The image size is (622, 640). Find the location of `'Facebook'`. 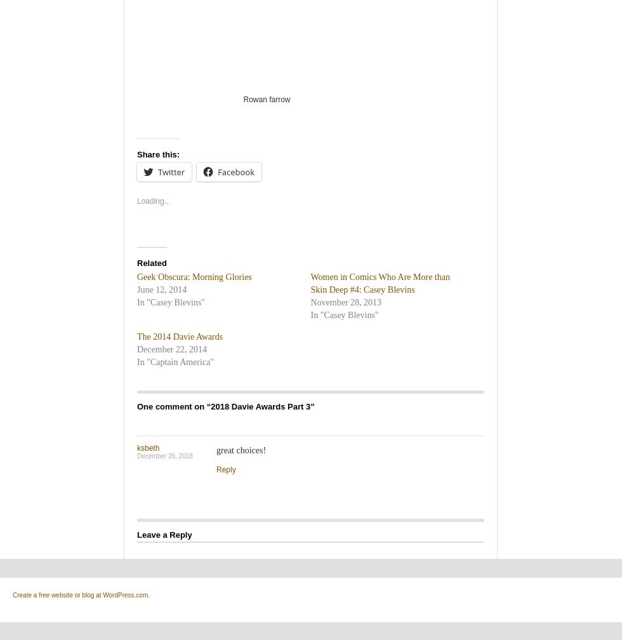

'Facebook' is located at coordinates (236, 171).